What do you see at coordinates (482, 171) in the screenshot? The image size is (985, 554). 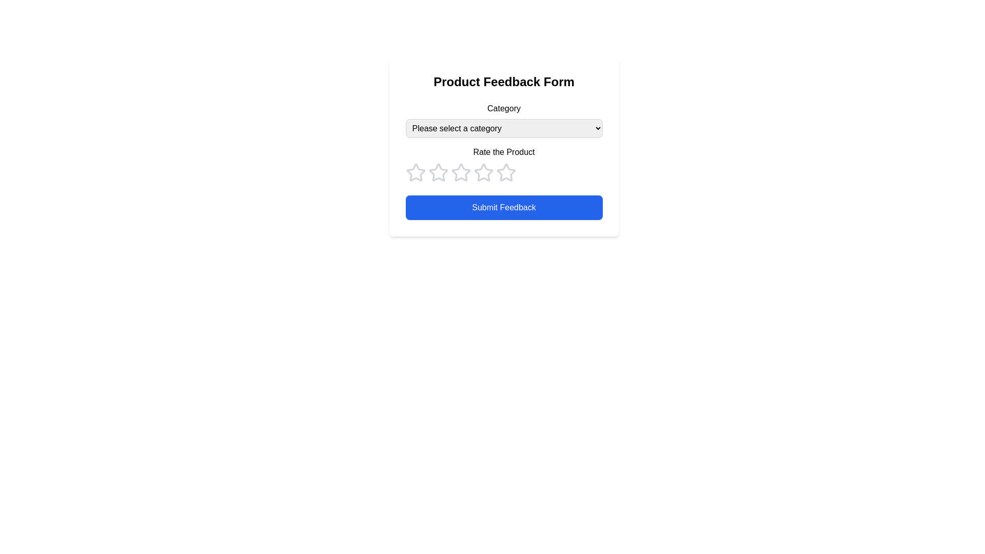 I see `the third star in the rating component below the text 'Rate the Product'` at bounding box center [482, 171].